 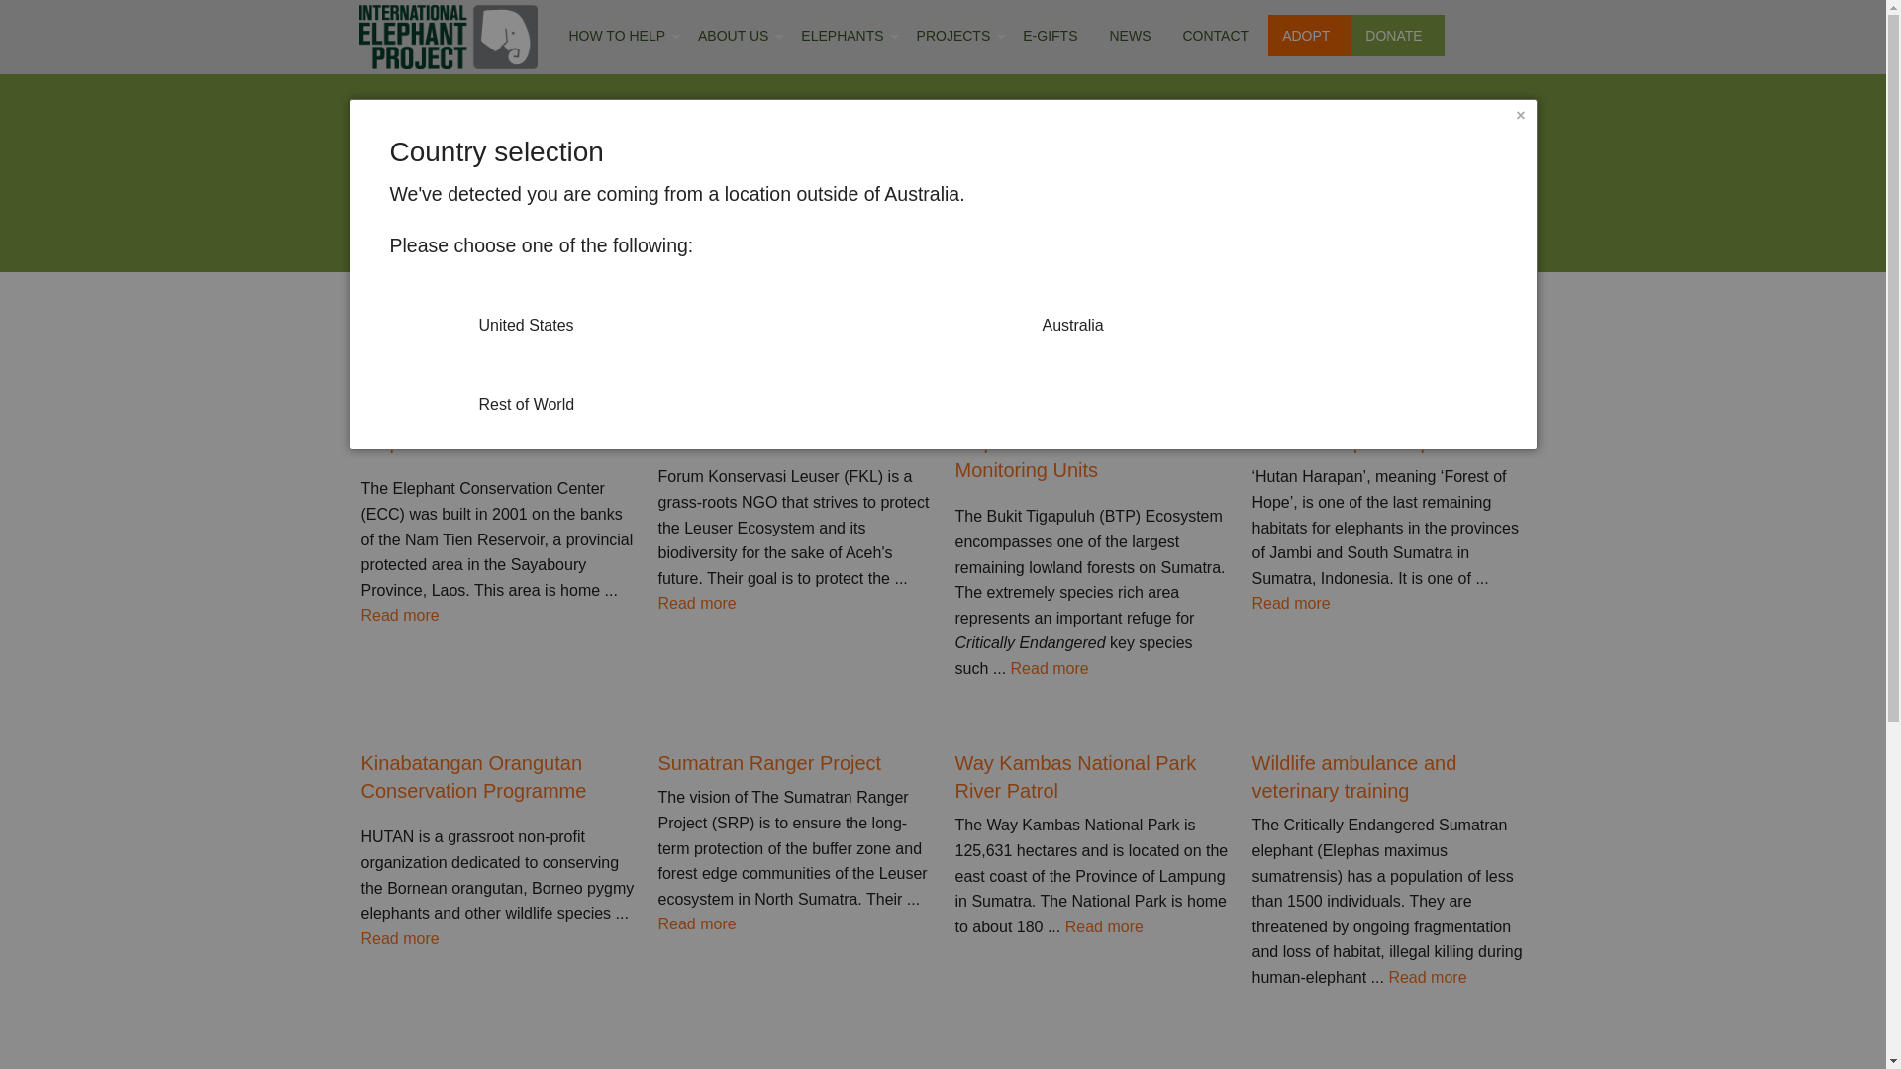 What do you see at coordinates (1396, 35) in the screenshot?
I see `'DONATE'` at bounding box center [1396, 35].